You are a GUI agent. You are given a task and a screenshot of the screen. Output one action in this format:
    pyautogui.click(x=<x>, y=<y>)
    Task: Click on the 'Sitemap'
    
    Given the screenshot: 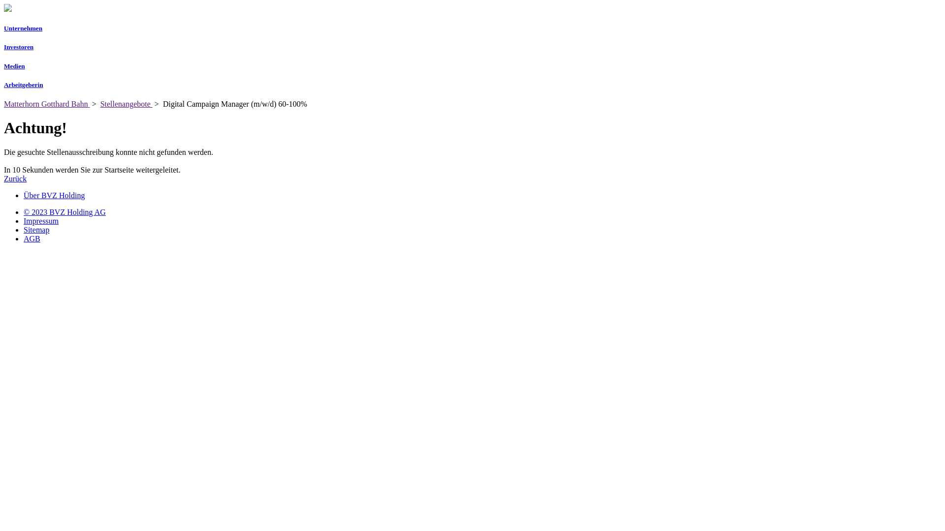 What is the action you would take?
    pyautogui.click(x=36, y=230)
    